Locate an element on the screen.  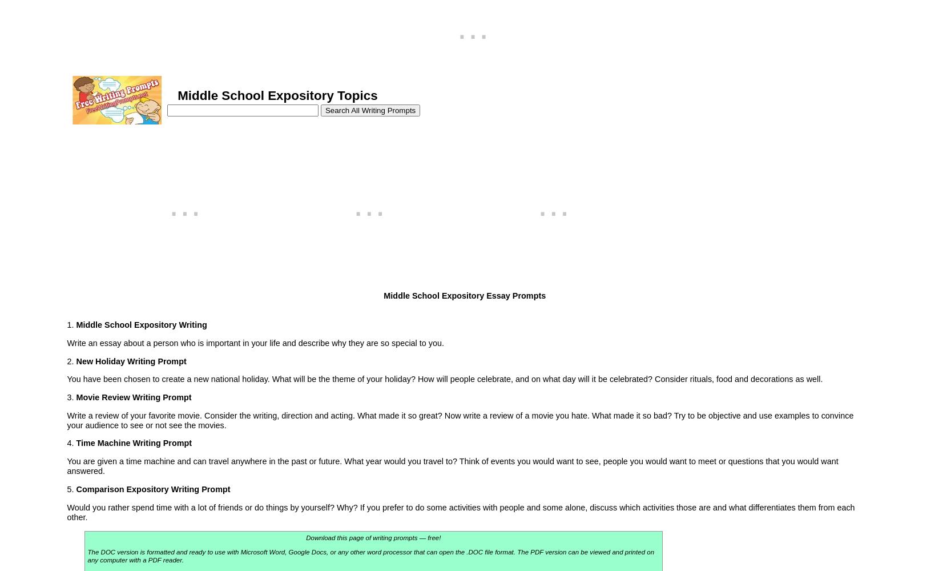
'Write a review of your favorite movie. Consider the writing, direction and acting. What made it so great? Now write a review of a movie you hate. What made it so bad? Try to be objective and use examples to convince your audience to see or not see the movies.' is located at coordinates (459, 419).